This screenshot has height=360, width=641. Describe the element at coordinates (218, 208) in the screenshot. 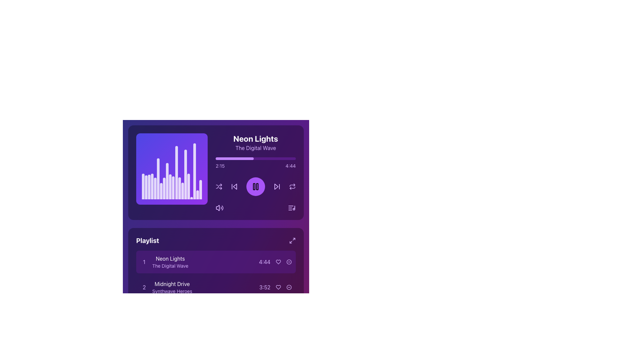

I see `the speaker icon, which is part of the volume control visualization styled in purple tones` at that location.